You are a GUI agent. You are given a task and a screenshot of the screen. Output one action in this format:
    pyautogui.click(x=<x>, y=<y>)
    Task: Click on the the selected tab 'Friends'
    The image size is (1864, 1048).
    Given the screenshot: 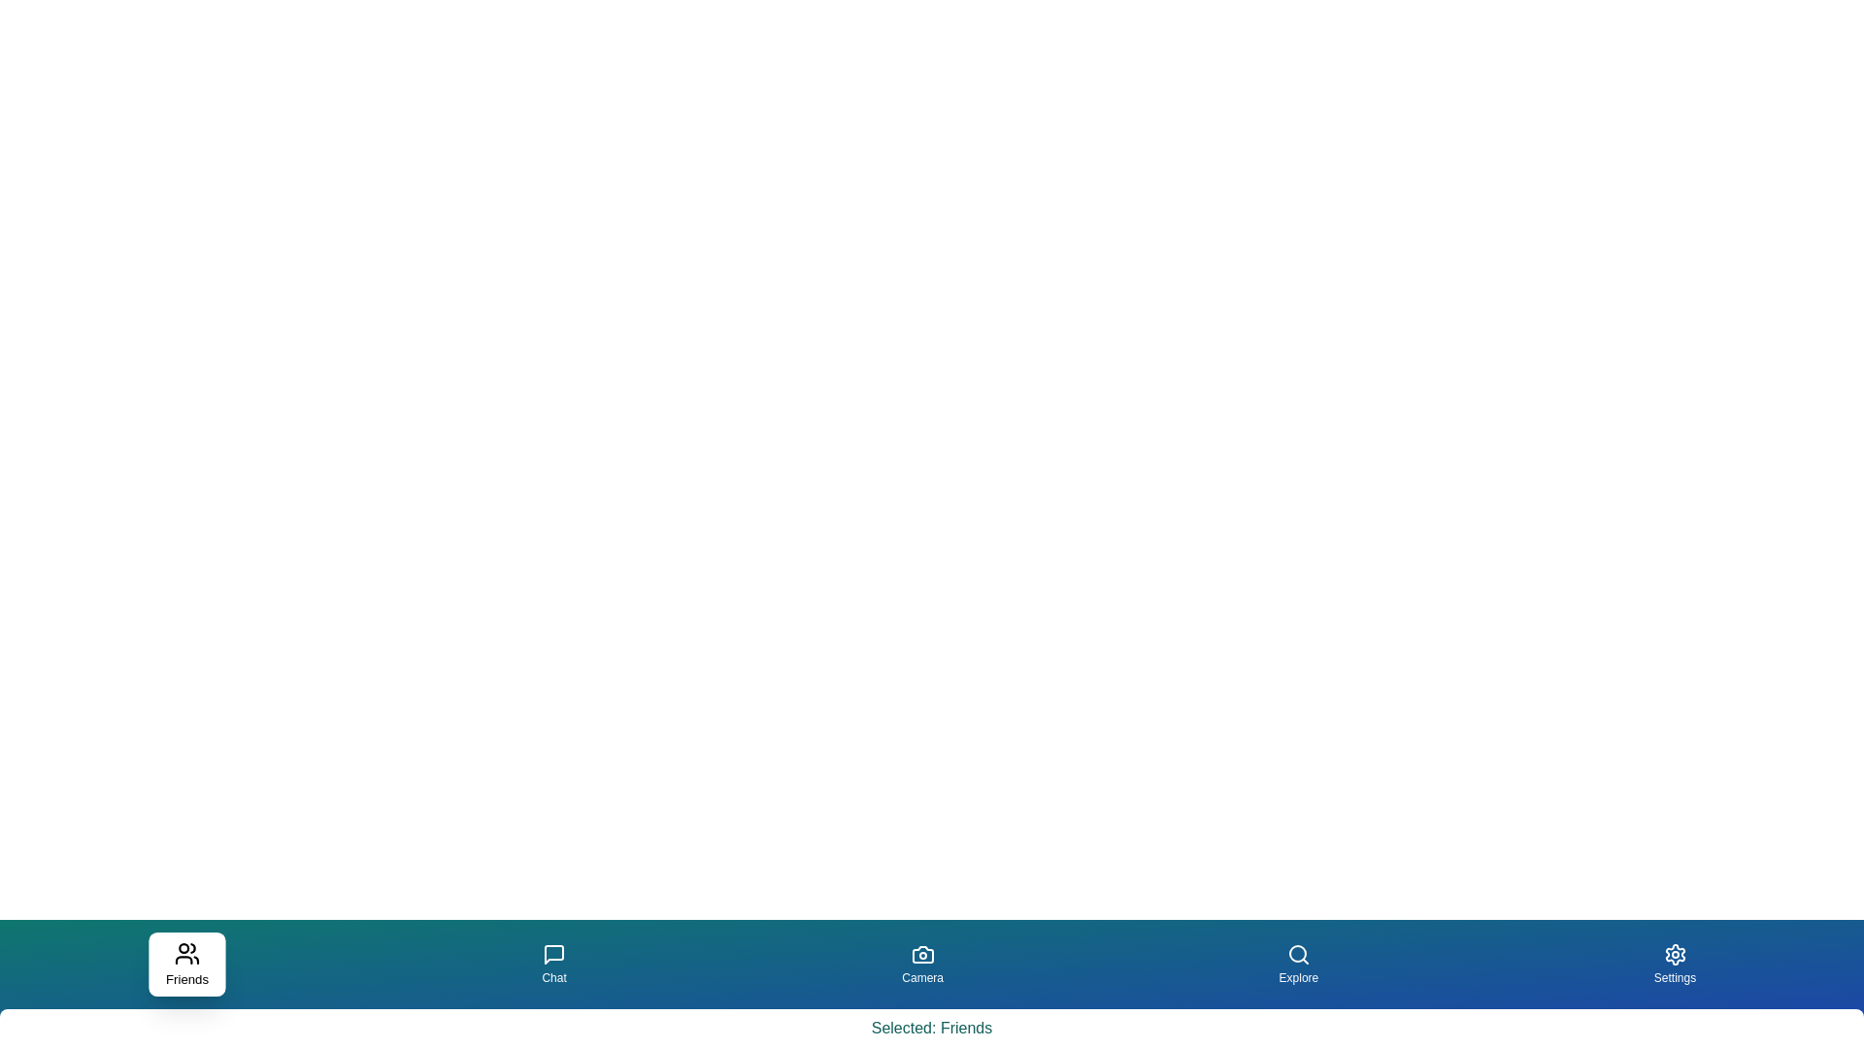 What is the action you would take?
    pyautogui.click(x=186, y=965)
    